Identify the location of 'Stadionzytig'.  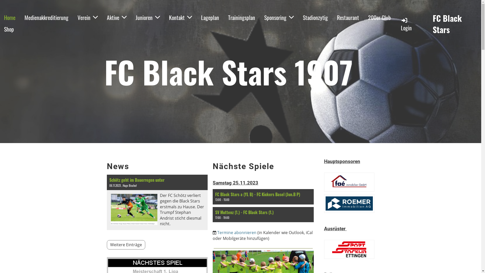
(315, 17).